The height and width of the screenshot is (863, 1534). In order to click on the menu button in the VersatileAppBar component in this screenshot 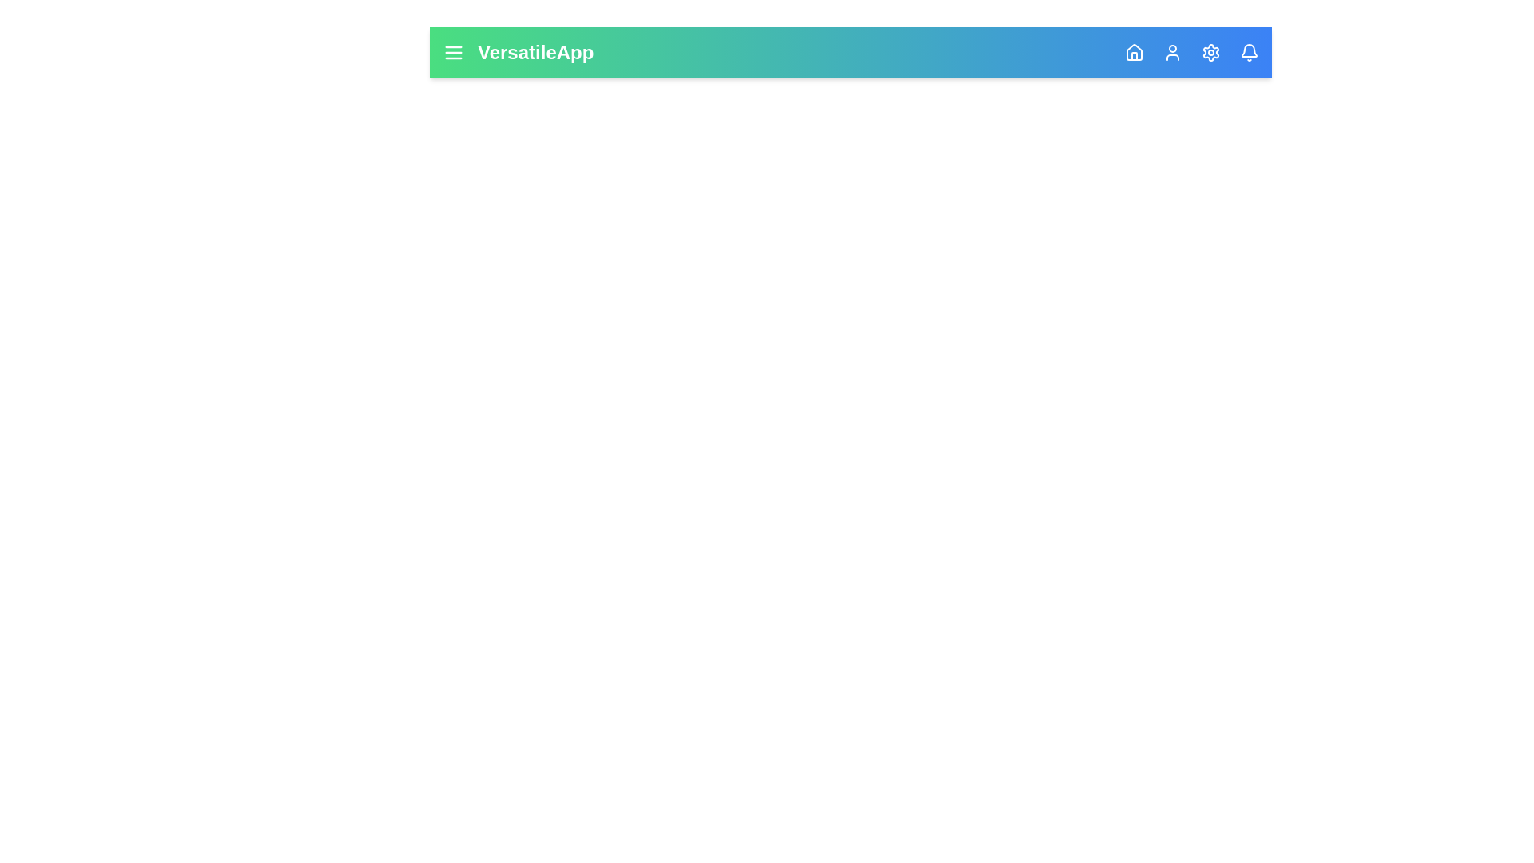, I will do `click(452, 51)`.